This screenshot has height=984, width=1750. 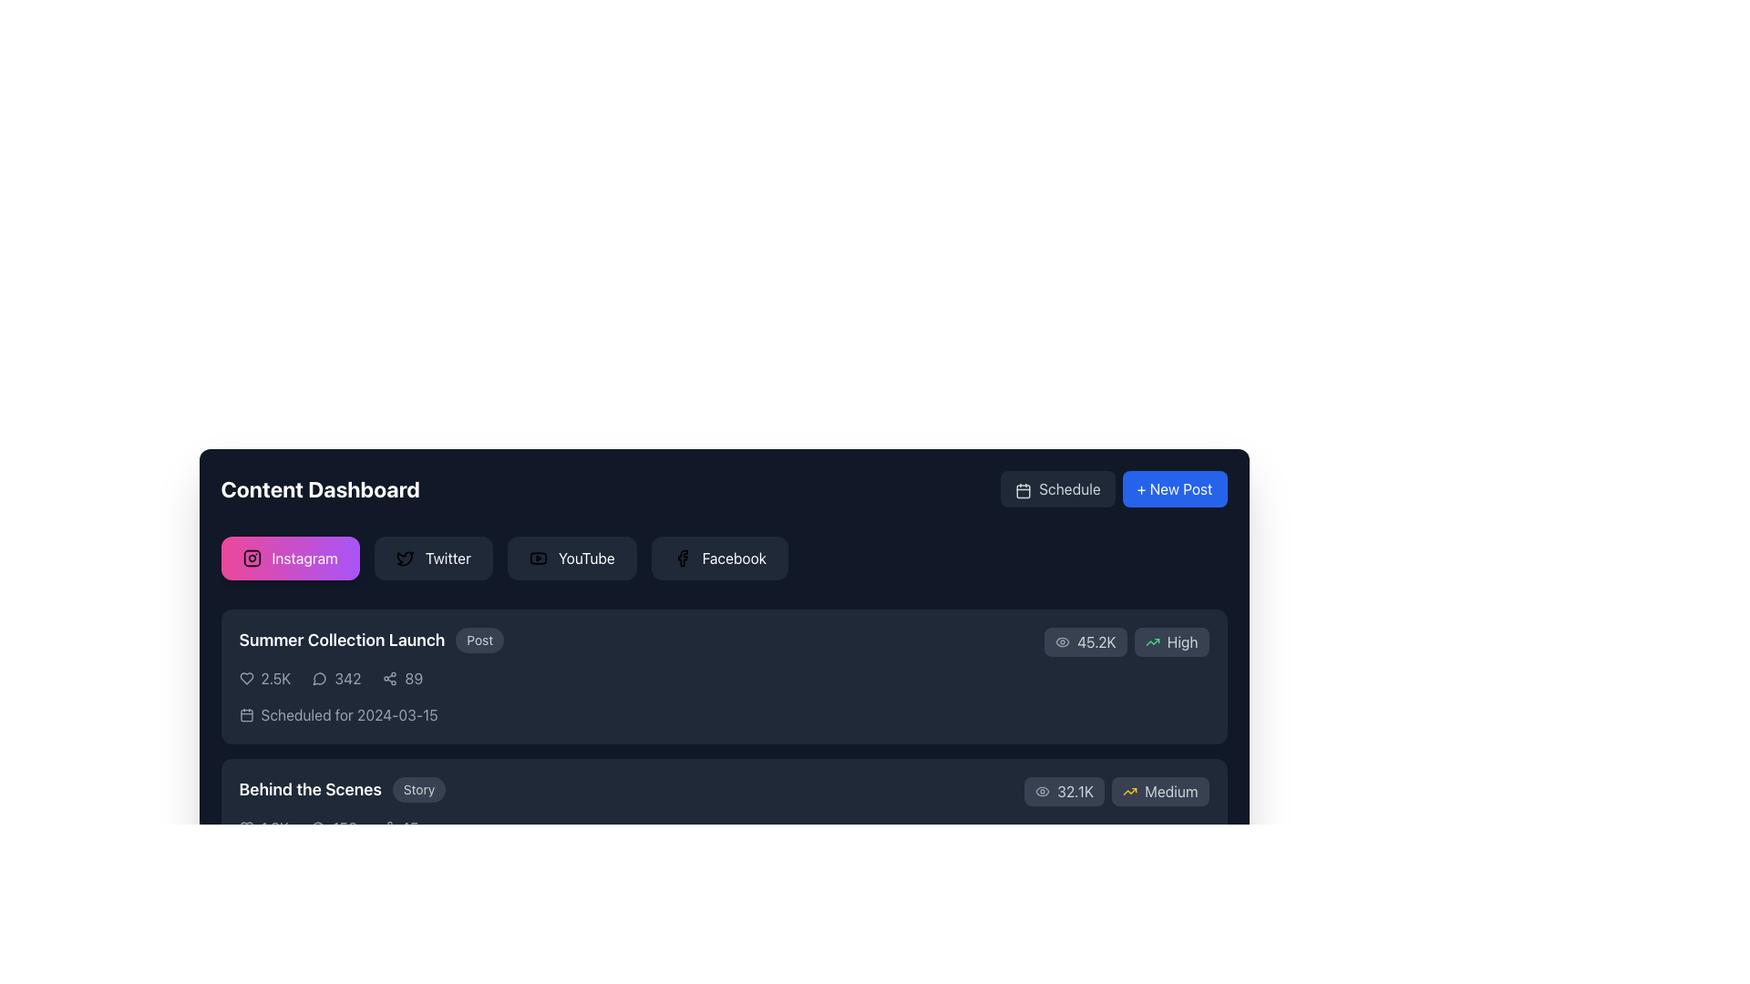 I want to click on the Instagram icon located at the top-left section of the dashboard interface, so click(x=251, y=558).